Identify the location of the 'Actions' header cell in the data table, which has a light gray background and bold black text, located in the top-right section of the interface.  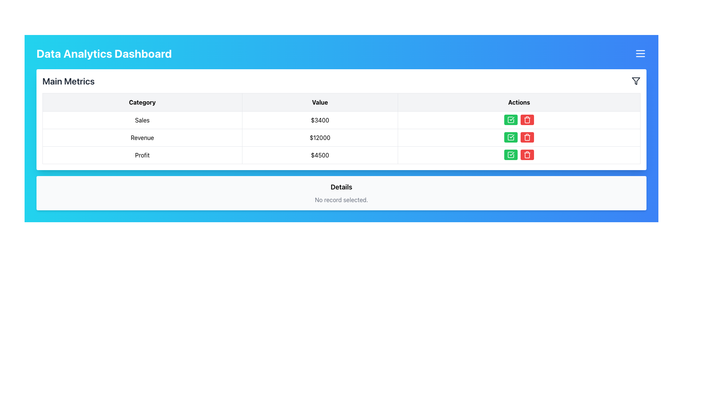
(519, 102).